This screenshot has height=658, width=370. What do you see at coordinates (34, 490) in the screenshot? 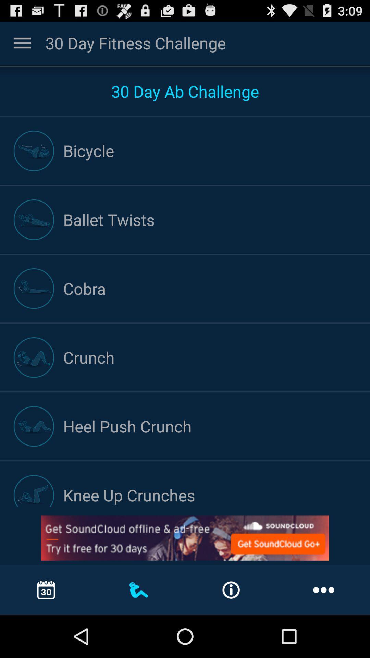
I see `the icon which is left side to the text knee up crunches` at bounding box center [34, 490].